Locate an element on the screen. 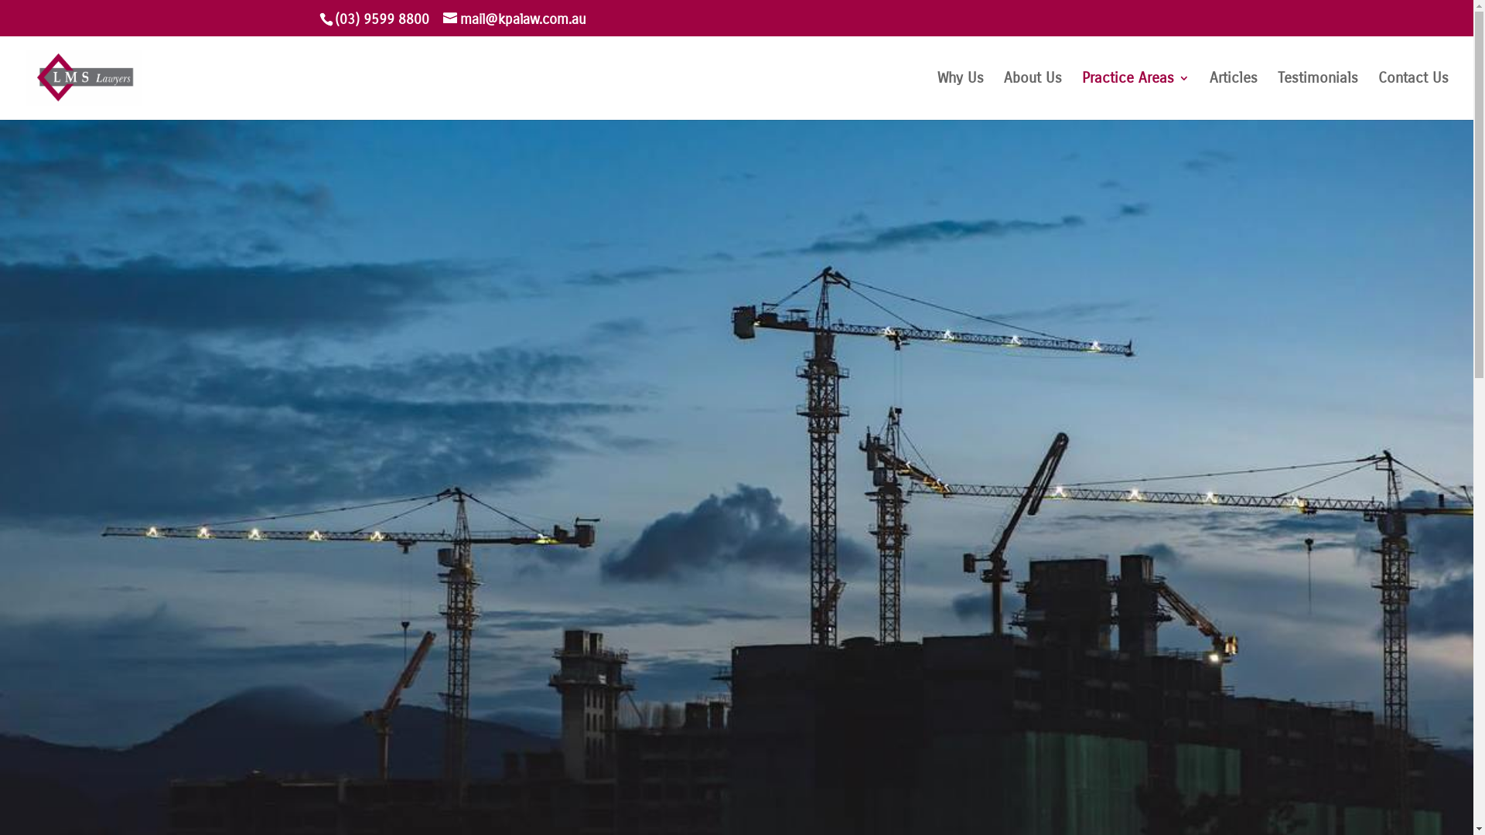 This screenshot has height=835, width=1485. 'Practice Areas' is located at coordinates (1135, 96).